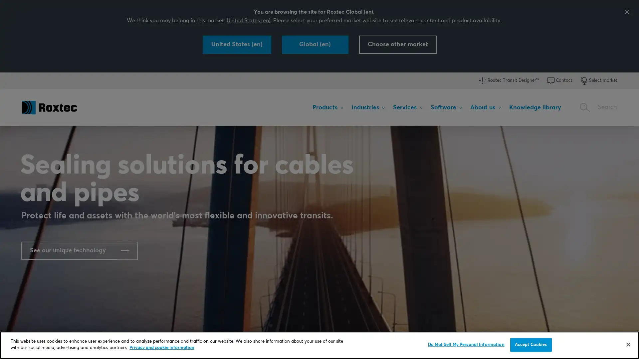  I want to click on Close, so click(628, 344).